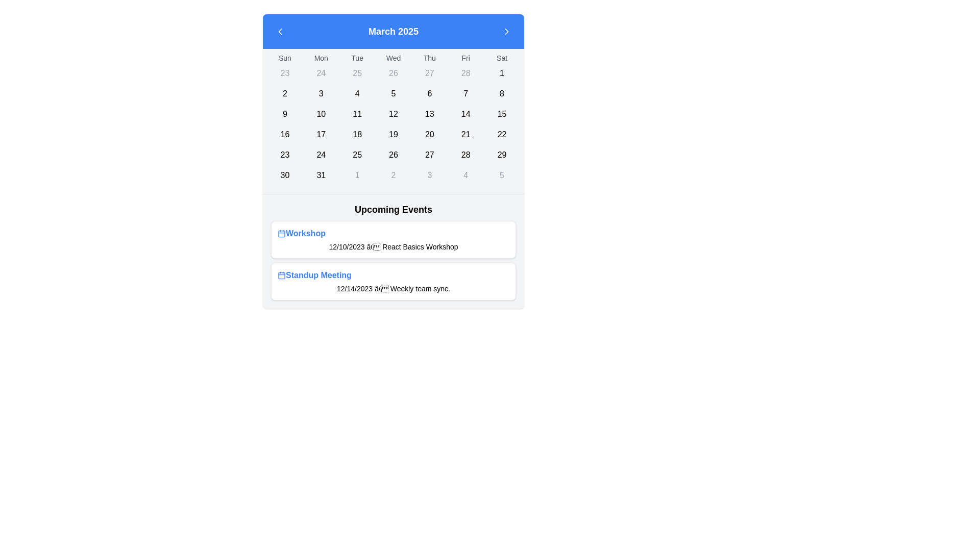 The image size is (980, 551). Describe the element at coordinates (282, 275) in the screenshot. I see `the decorative icon associated with the 'Standup Meeting' entry, located to the left of the label in the upcoming events list` at that location.